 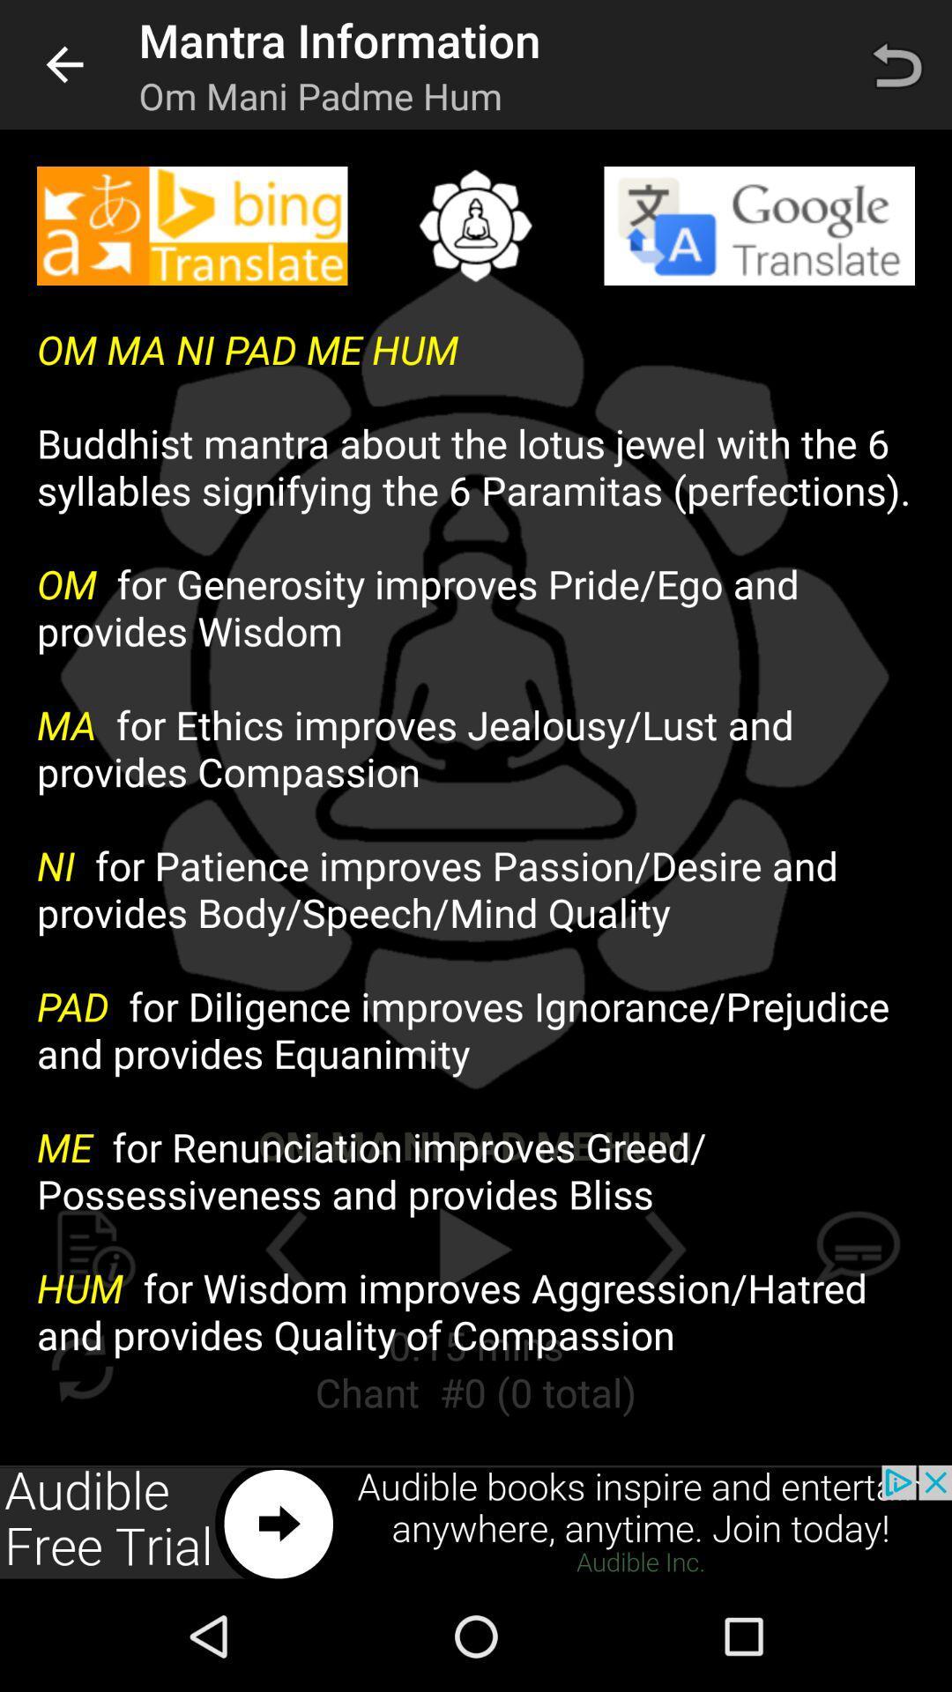 What do you see at coordinates (96, 1249) in the screenshot?
I see `the info icon` at bounding box center [96, 1249].